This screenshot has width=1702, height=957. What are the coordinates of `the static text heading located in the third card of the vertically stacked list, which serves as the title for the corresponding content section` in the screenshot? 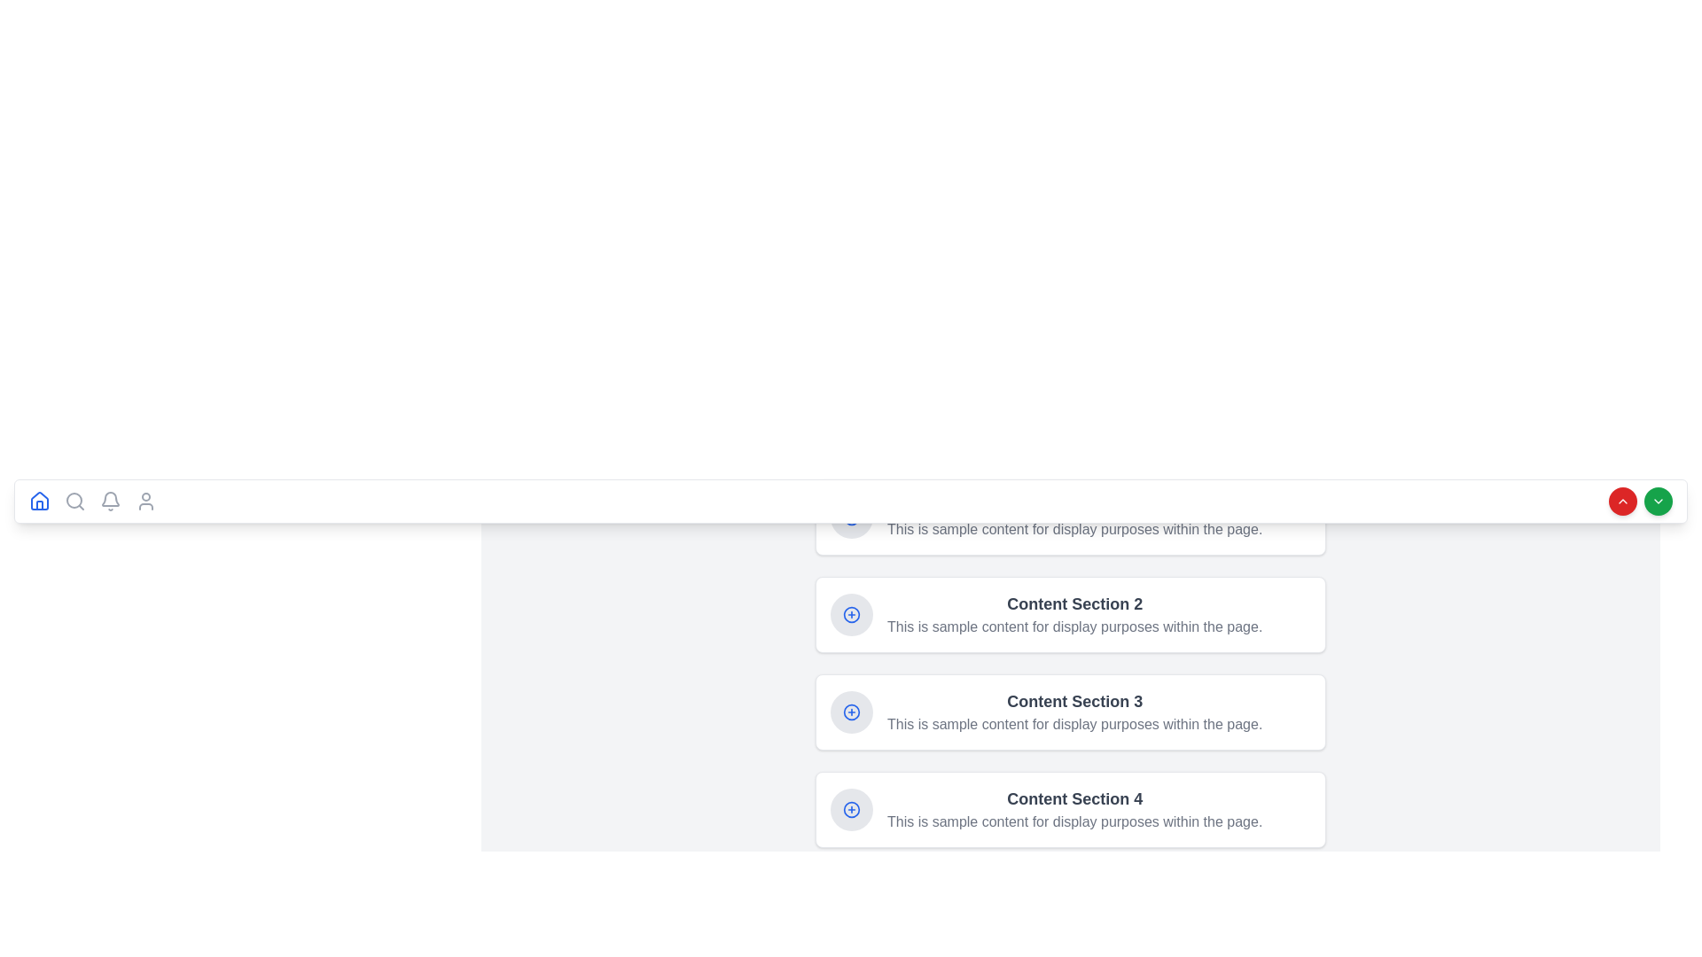 It's located at (1074, 700).